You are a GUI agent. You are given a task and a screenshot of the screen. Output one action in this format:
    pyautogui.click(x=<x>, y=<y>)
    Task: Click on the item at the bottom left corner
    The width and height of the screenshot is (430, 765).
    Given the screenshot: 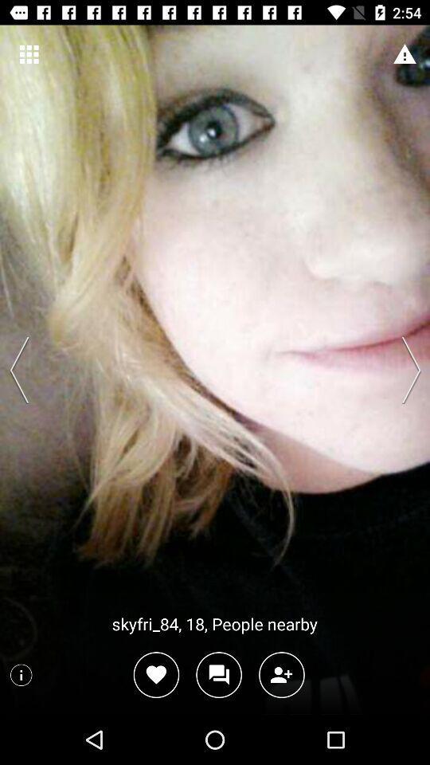 What is the action you would take?
    pyautogui.click(x=20, y=674)
    